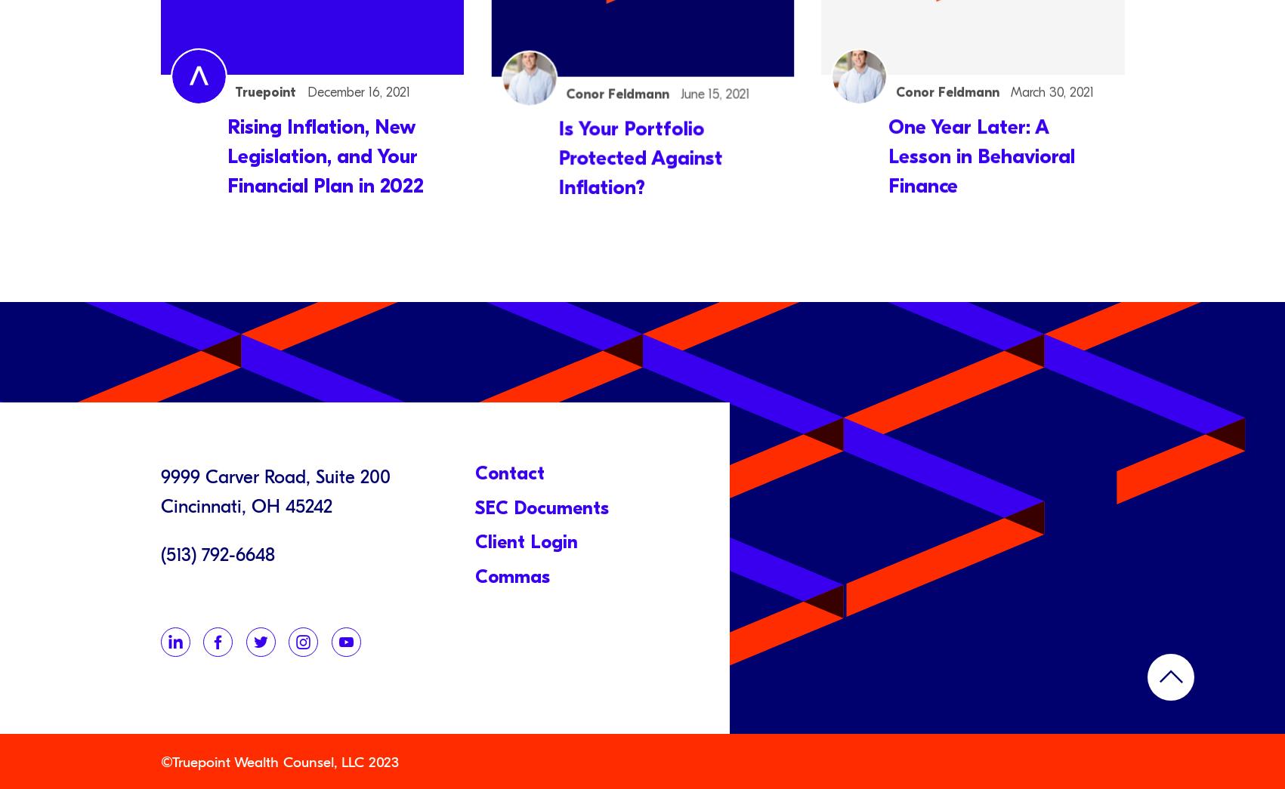 The height and width of the screenshot is (789, 1285). I want to click on 'Contact', so click(474, 471).